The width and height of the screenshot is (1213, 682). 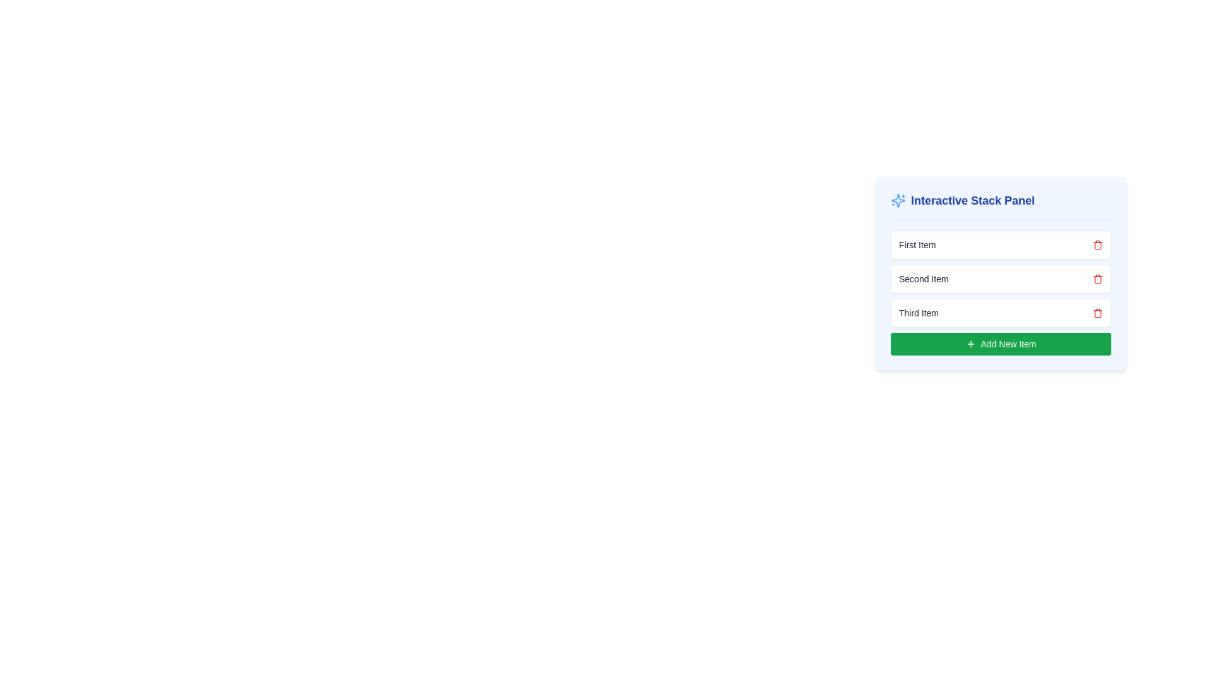 I want to click on the SVG icon embedded within the green 'Add New Item' button located at the bottom of the 'Interactive Stack Panel', so click(x=970, y=344).